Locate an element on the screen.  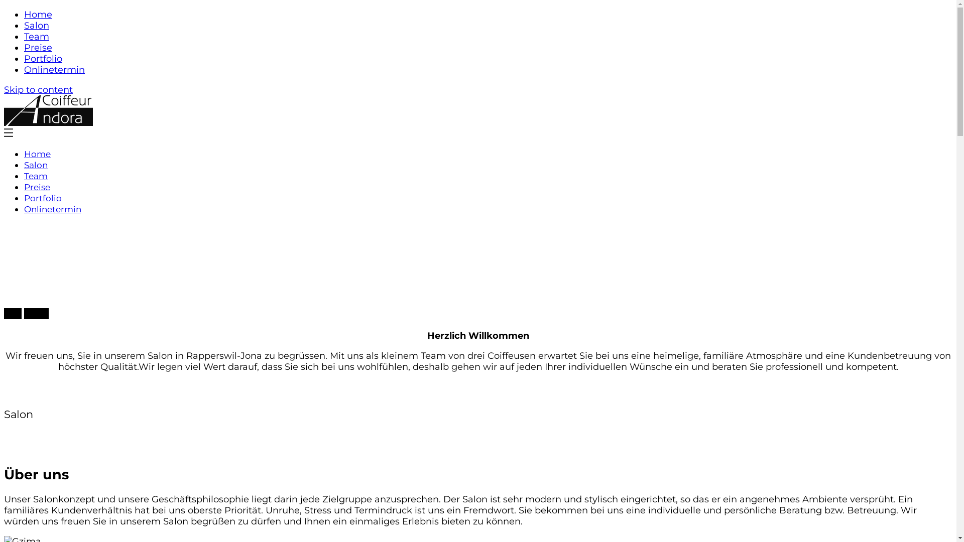
'Onlinetermin' is located at coordinates (54, 69).